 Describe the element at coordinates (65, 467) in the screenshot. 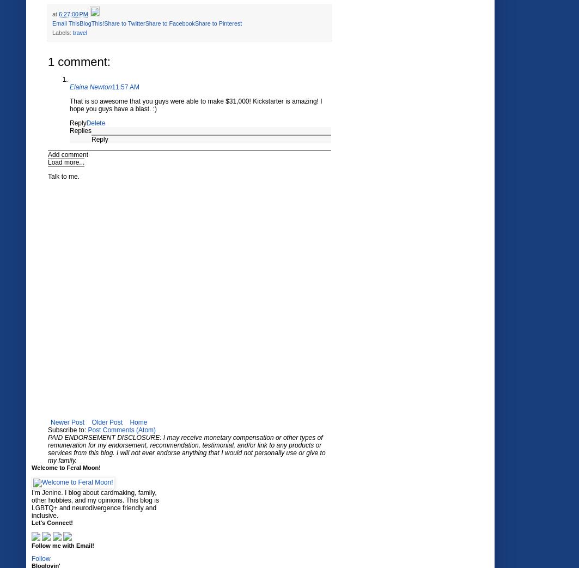

I see `'Welcome to Feral Moon!'` at that location.